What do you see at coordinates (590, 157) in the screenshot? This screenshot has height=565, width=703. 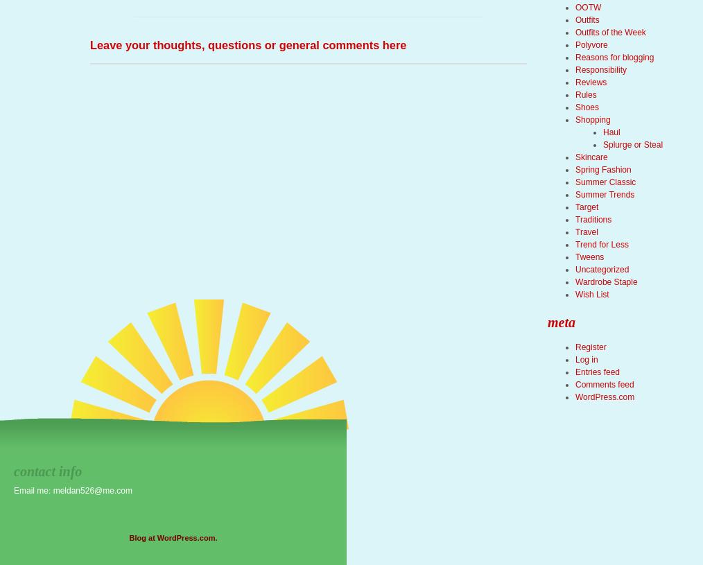 I see `'Skincare'` at bounding box center [590, 157].